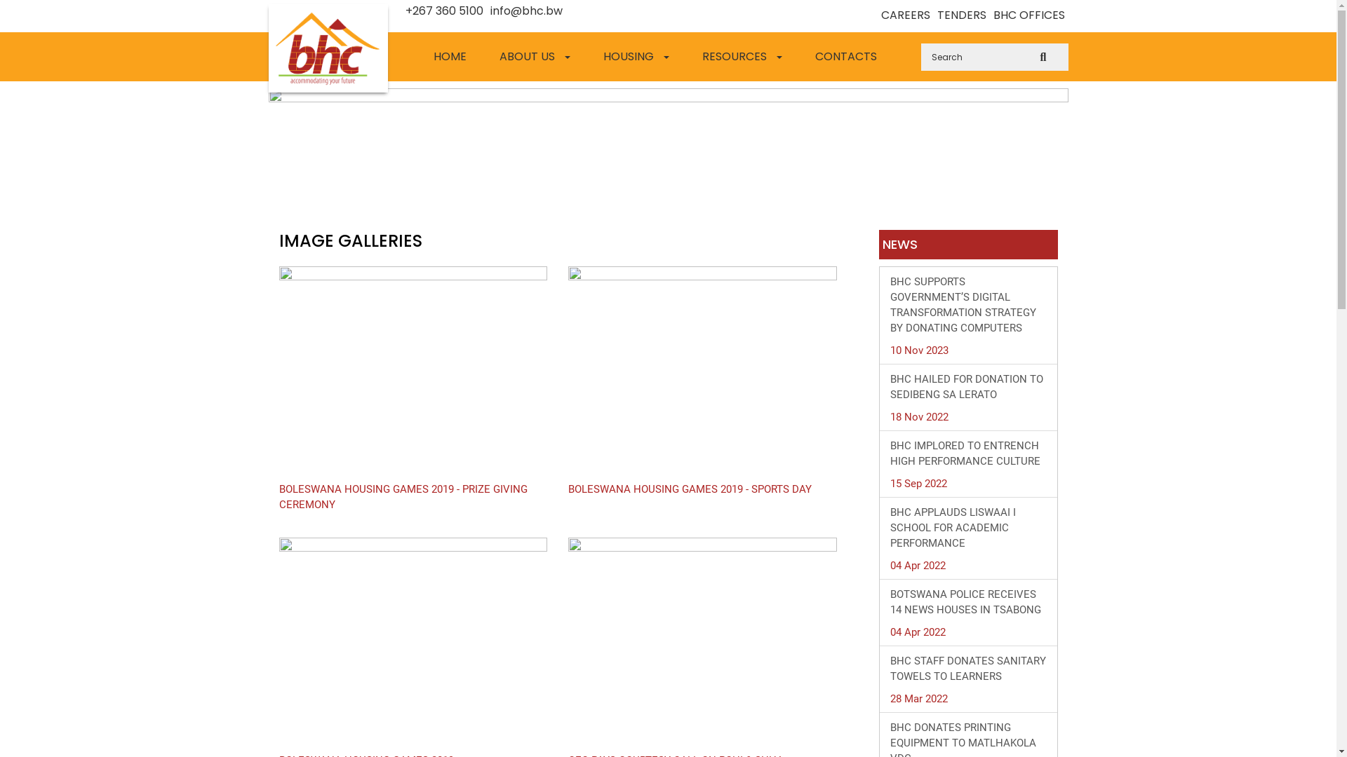 This screenshot has height=757, width=1347. I want to click on 'CONTACTS', so click(848, 56).